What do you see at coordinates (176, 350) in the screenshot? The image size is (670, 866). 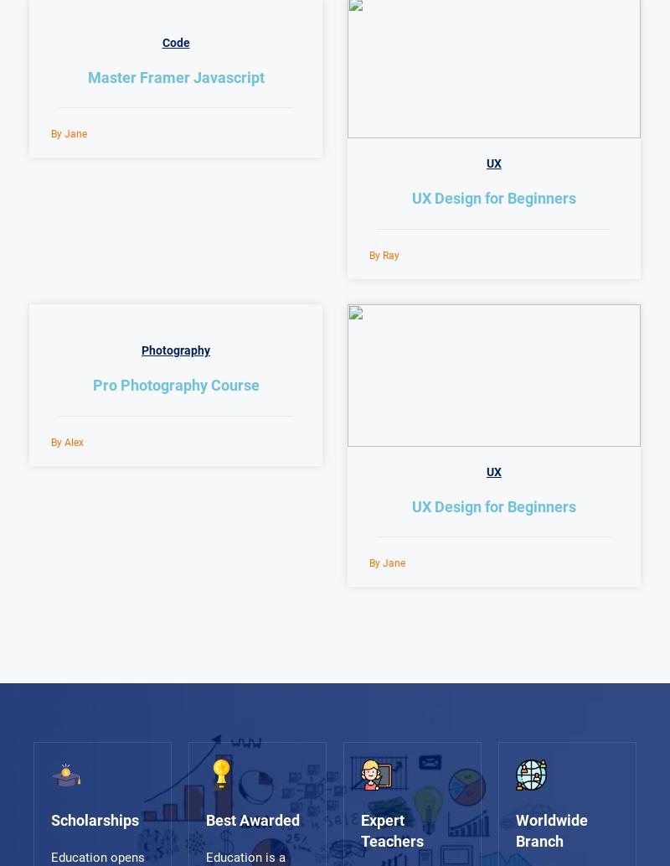 I see `'Photography'` at bounding box center [176, 350].